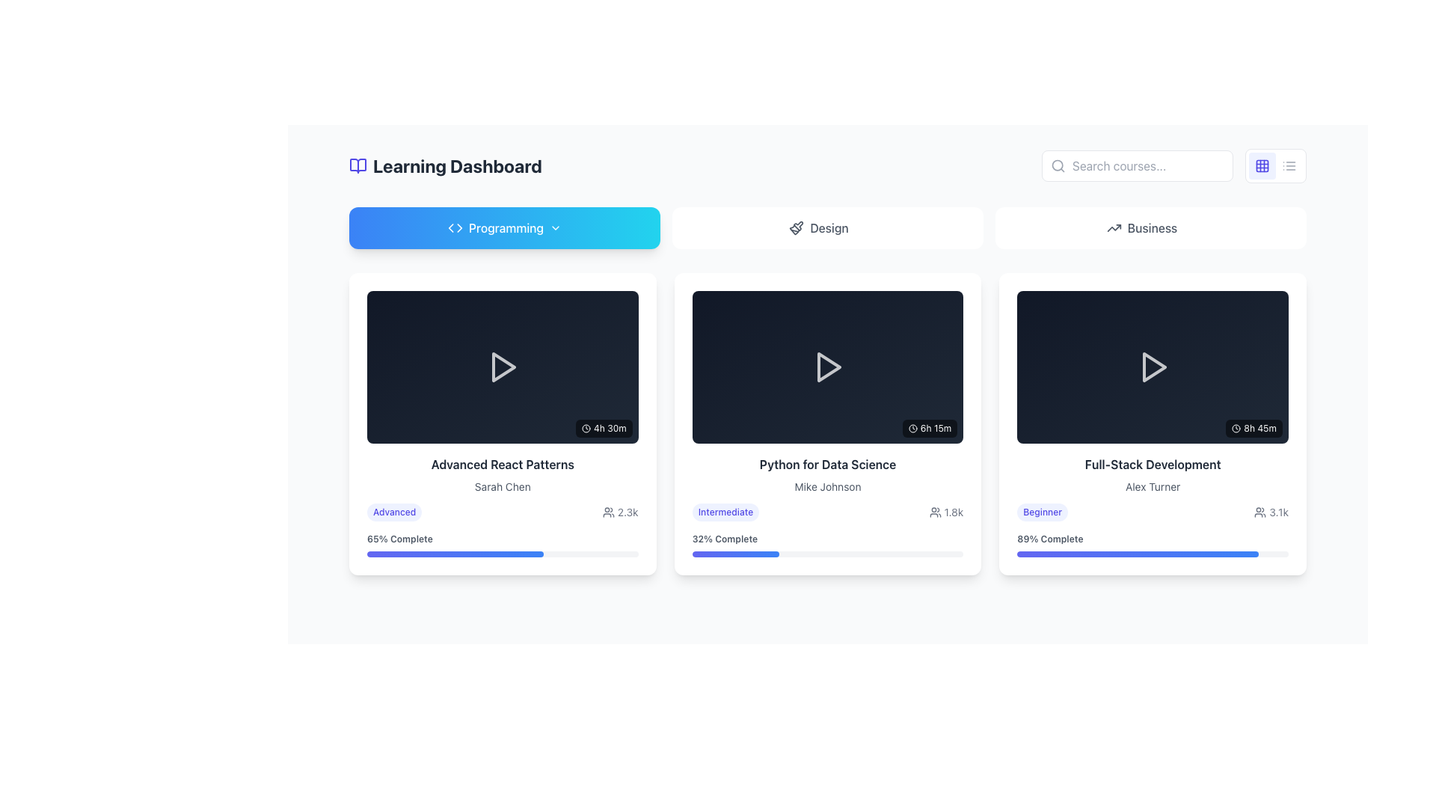 The width and height of the screenshot is (1436, 808). Describe the element at coordinates (797, 226) in the screenshot. I see `the paintbrush icon in the top navigation menu, which signifies the 'Design' category, located between the 'Programming' and 'Business' sections` at that location.